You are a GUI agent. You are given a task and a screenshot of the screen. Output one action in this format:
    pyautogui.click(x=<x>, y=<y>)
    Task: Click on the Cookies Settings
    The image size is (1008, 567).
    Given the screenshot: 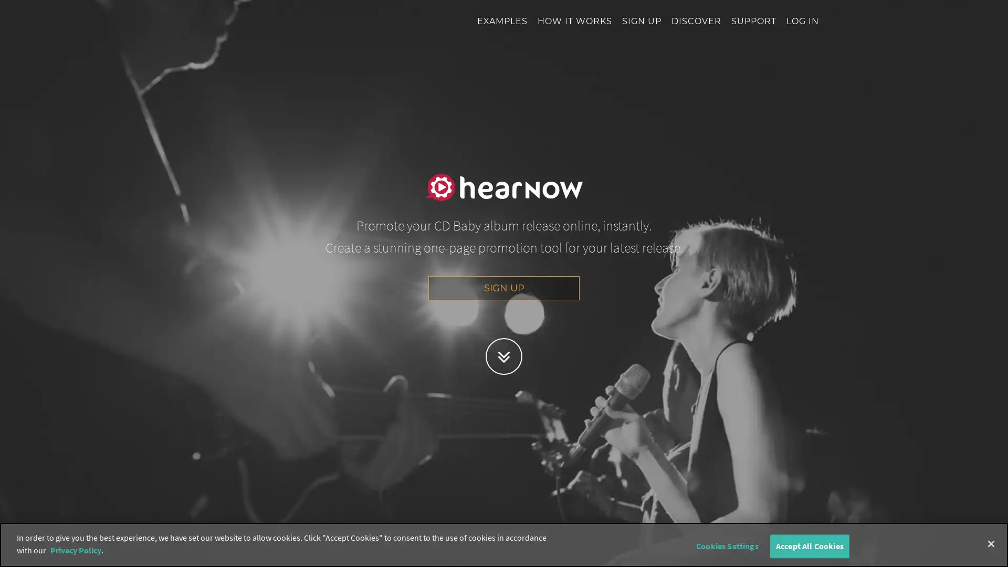 What is the action you would take?
    pyautogui.click(x=726, y=545)
    